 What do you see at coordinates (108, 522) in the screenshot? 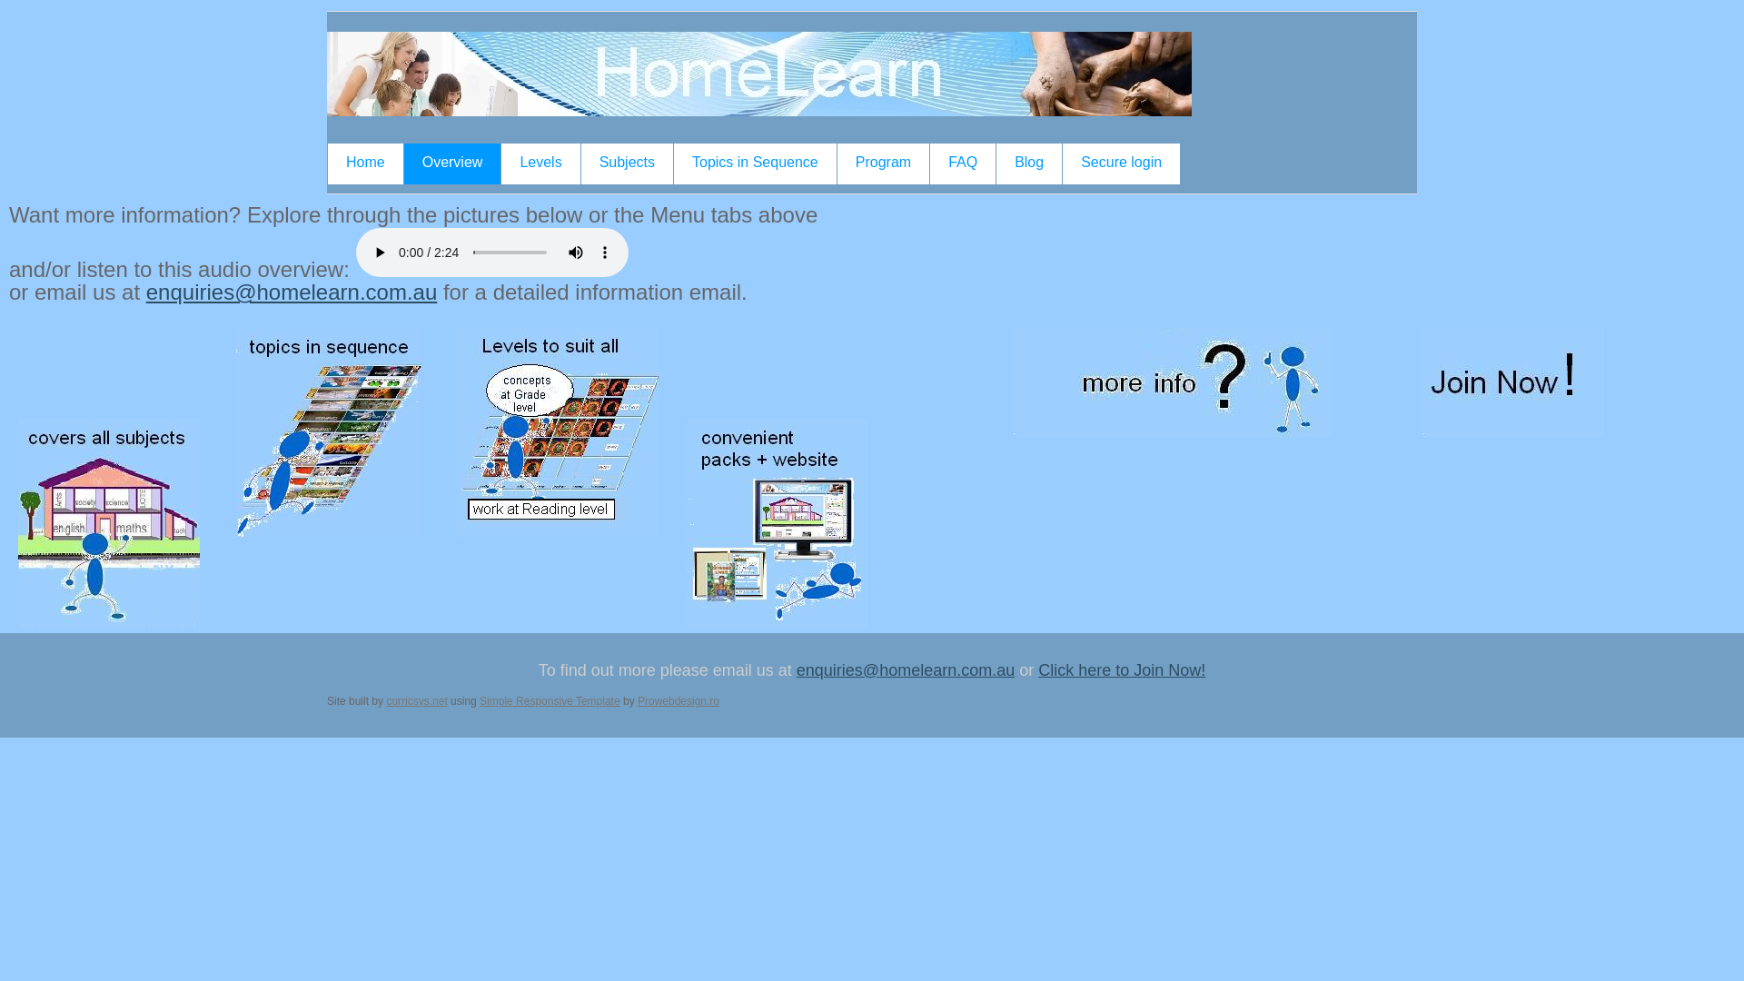
I see `'The HomeLearn program covers all subject areas'` at bounding box center [108, 522].